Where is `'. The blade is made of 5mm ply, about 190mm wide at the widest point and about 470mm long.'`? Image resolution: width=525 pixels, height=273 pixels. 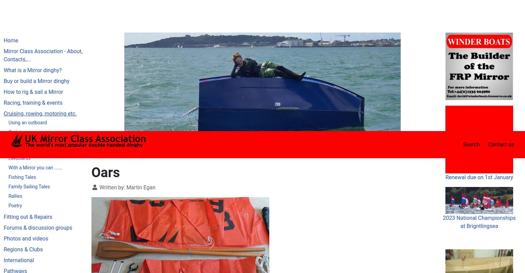 '. The blade is made of 5mm ply, about 190mm wide at the widest point and about 470mm long.' is located at coordinates (262, 250).